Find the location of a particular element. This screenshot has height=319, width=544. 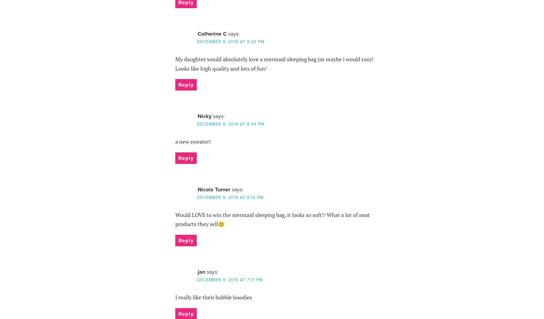

'a new sweater!' is located at coordinates (193, 141).